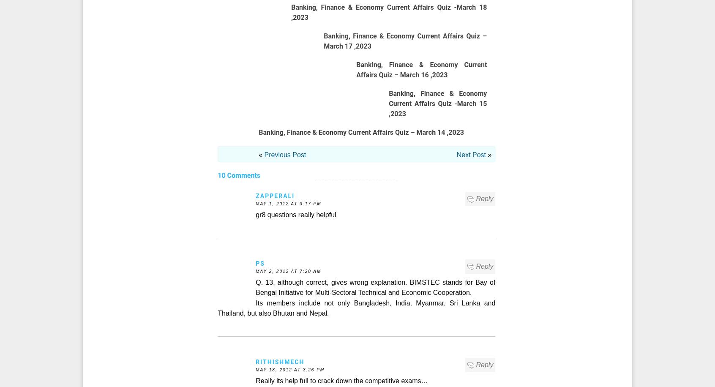 This screenshot has width=715, height=387. What do you see at coordinates (238, 175) in the screenshot?
I see `'10 Comments'` at bounding box center [238, 175].